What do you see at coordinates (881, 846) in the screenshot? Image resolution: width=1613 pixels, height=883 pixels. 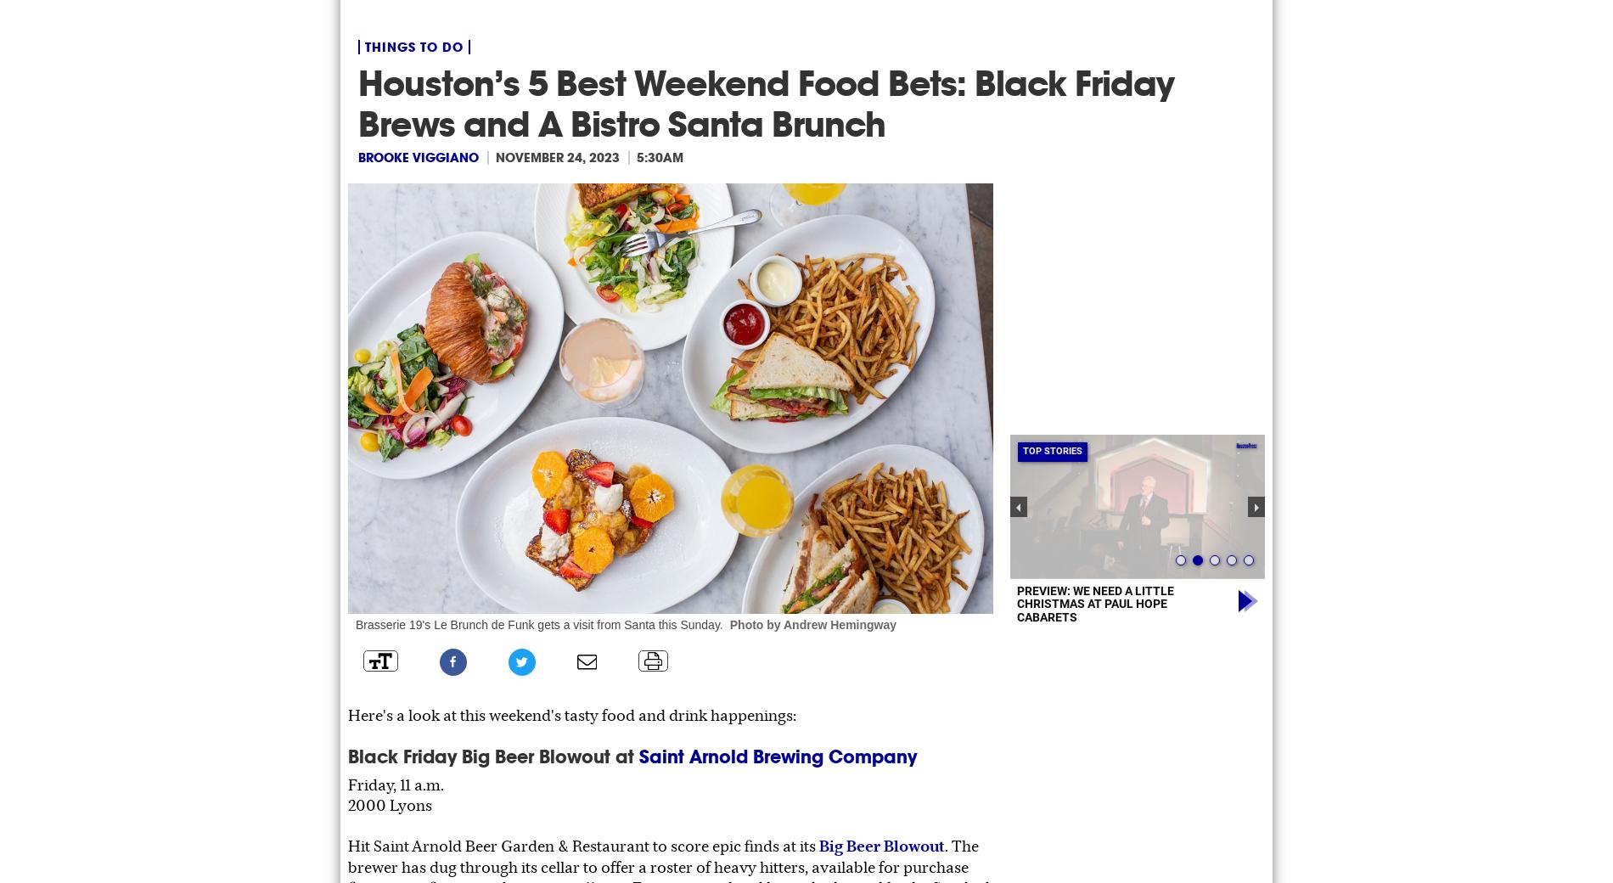 I see `'Big Beer Blowout'` at bounding box center [881, 846].